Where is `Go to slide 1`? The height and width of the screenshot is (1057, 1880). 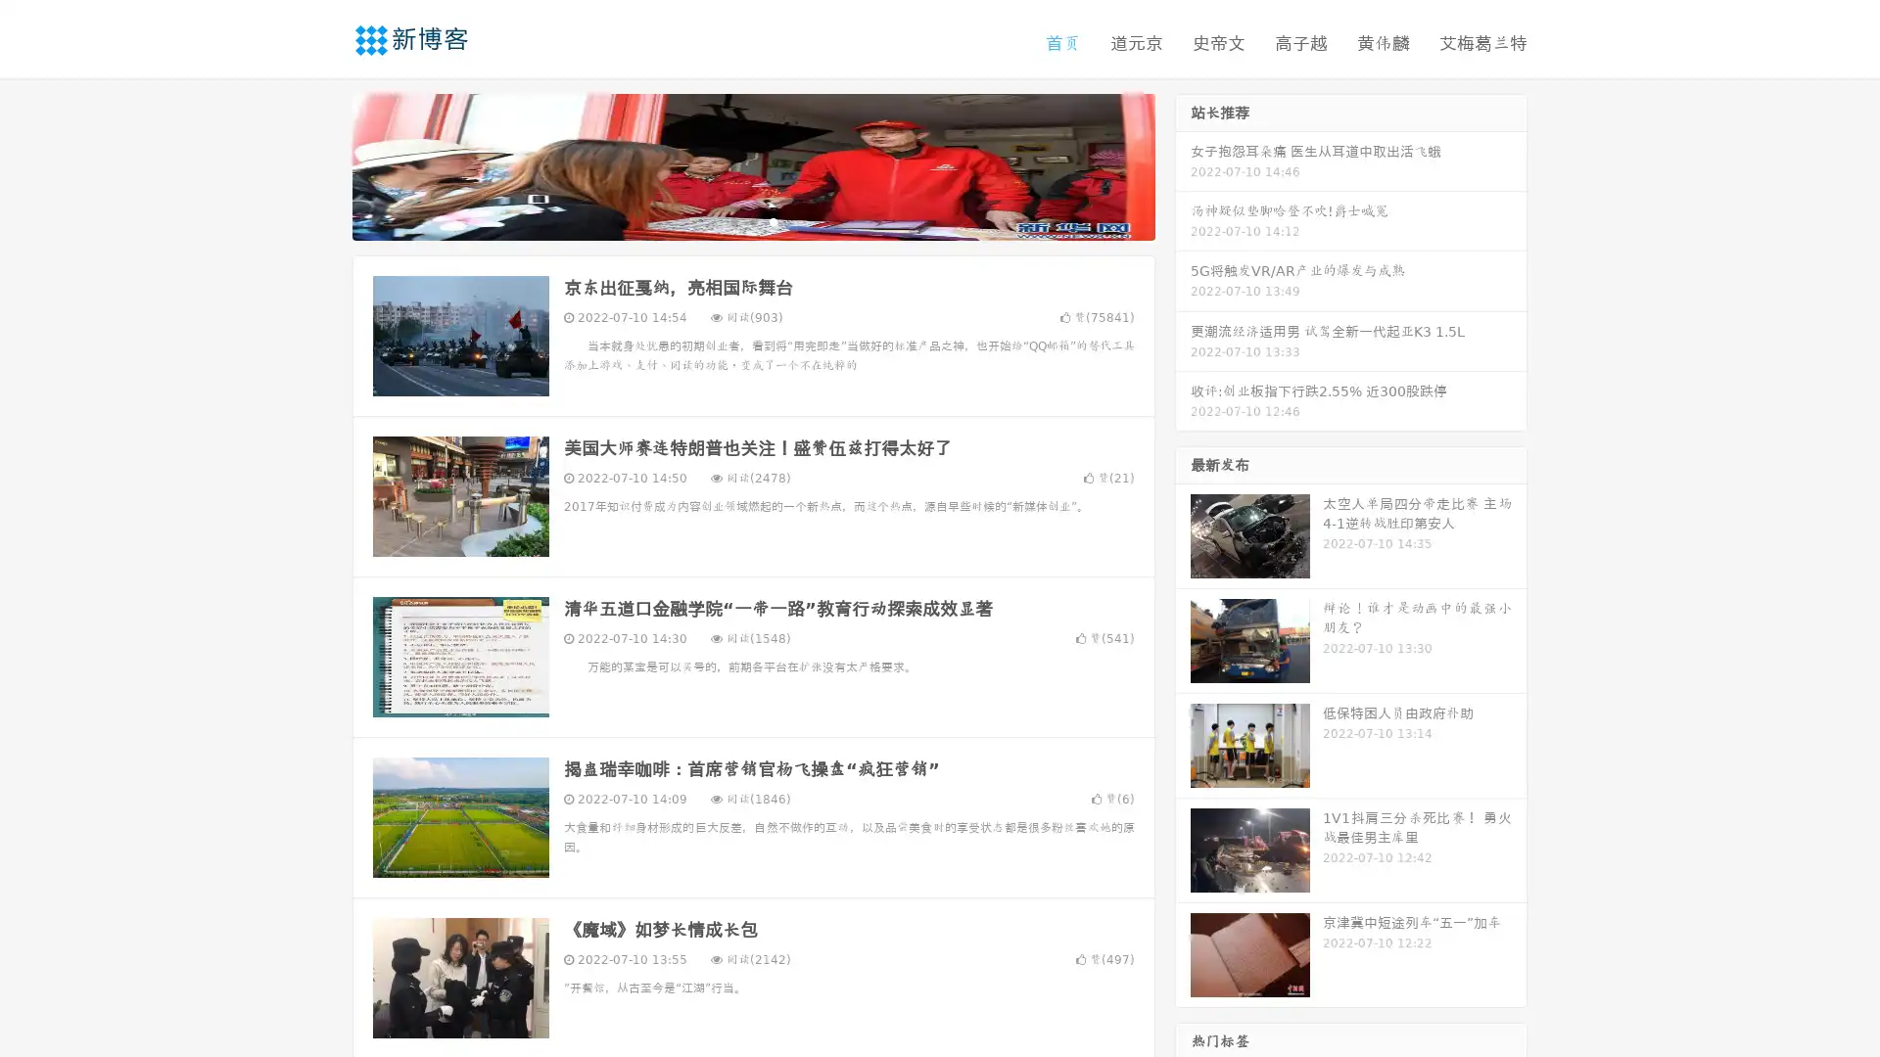
Go to slide 1 is located at coordinates (732, 220).